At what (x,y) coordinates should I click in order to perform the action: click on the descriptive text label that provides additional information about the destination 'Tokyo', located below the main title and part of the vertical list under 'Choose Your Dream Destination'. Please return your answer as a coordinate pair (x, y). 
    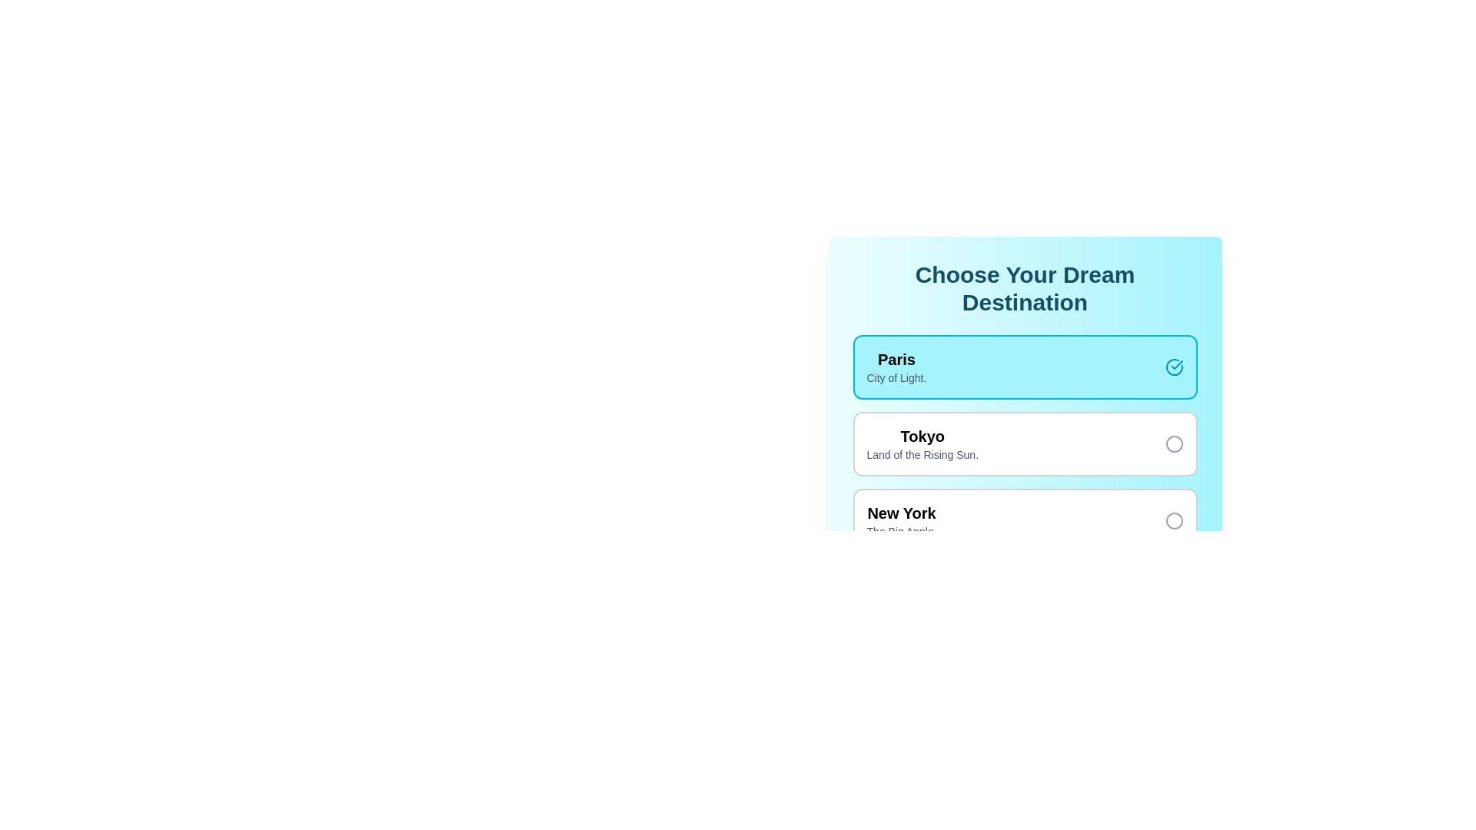
    Looking at the image, I should click on (922, 453).